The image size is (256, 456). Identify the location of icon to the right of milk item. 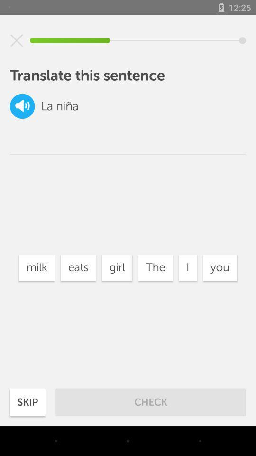
(78, 268).